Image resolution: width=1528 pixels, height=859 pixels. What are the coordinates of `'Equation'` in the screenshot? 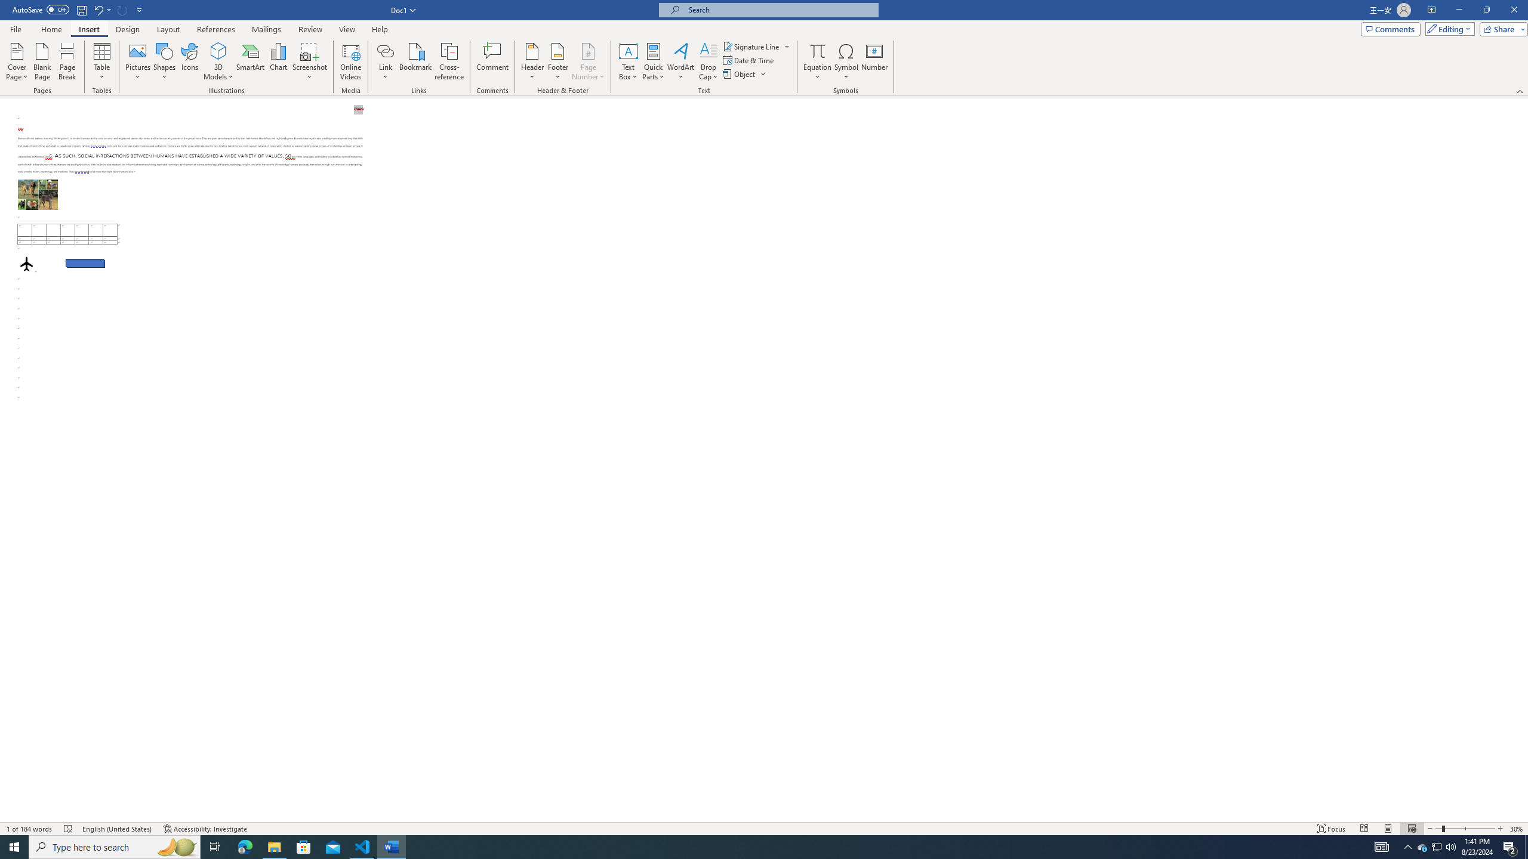 It's located at (817, 61).